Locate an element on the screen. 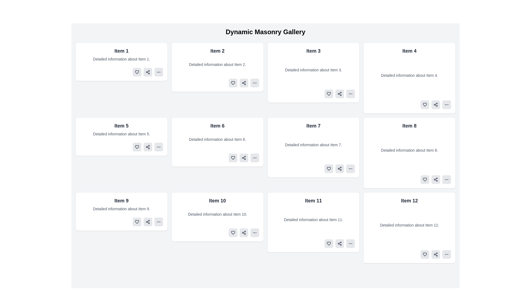 This screenshot has width=521, height=293. the text block providing supplementary information located directly below the title of the card titled 'Item 5' in the second card of the left column is located at coordinates (121, 134).